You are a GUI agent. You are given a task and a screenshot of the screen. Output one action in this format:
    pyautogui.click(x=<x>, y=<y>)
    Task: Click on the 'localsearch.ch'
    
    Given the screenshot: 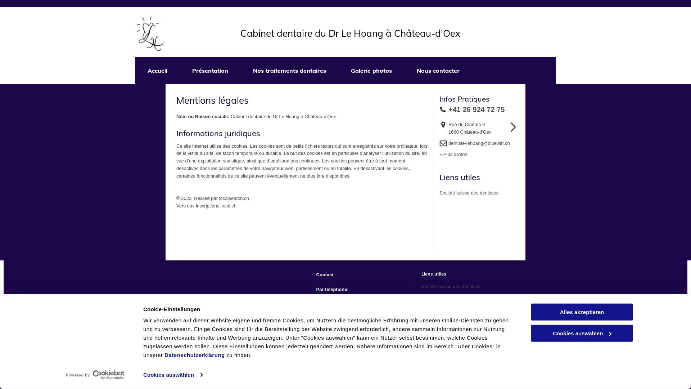 What is the action you would take?
    pyautogui.click(x=219, y=198)
    